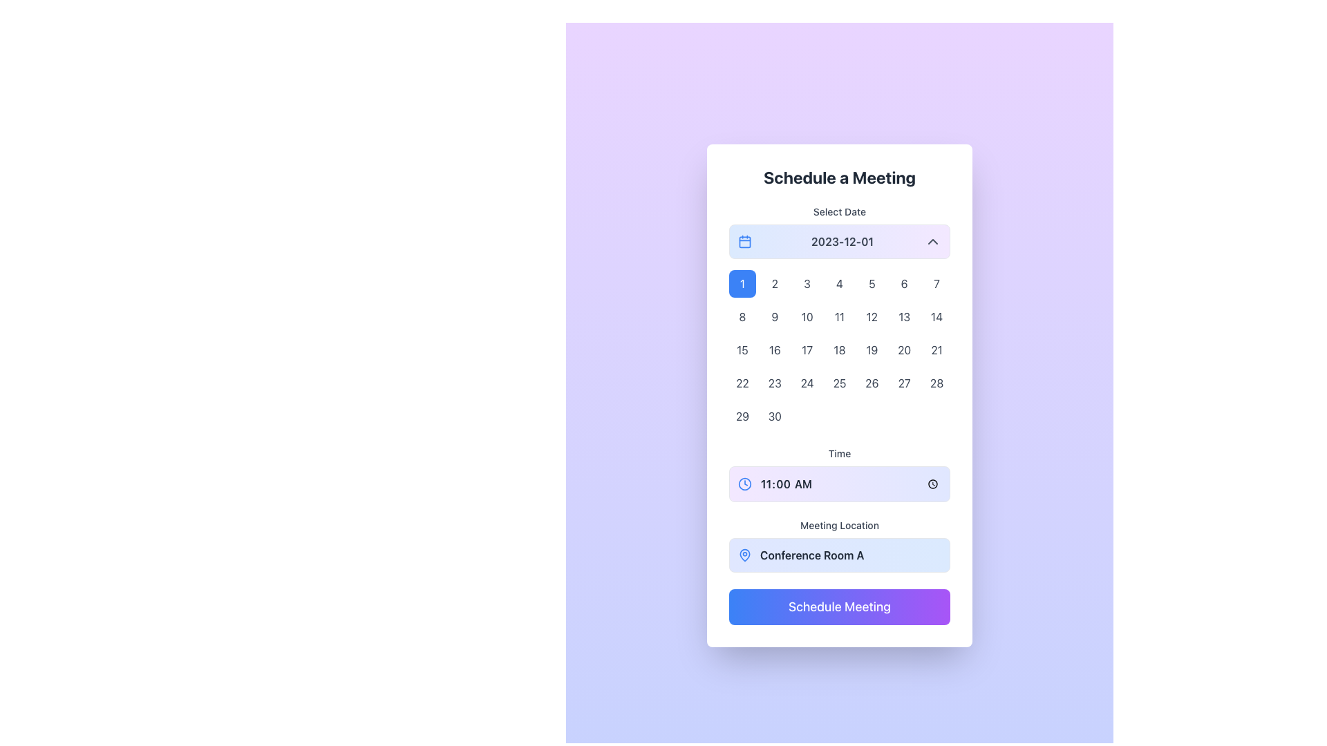  Describe the element at coordinates (904, 383) in the screenshot. I see `the button to select the day '27' in the calendar grid, which is positioned in the fourth row and sixth column` at that location.